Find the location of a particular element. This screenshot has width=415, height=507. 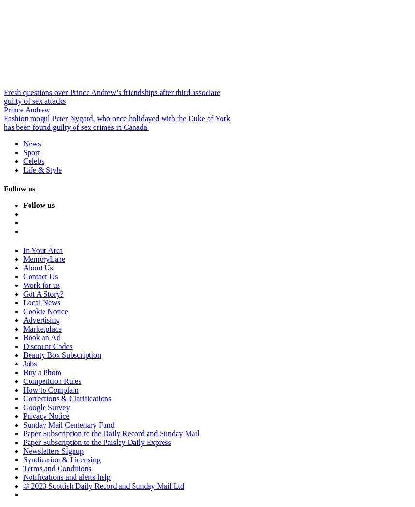

'About Us' is located at coordinates (37, 267).